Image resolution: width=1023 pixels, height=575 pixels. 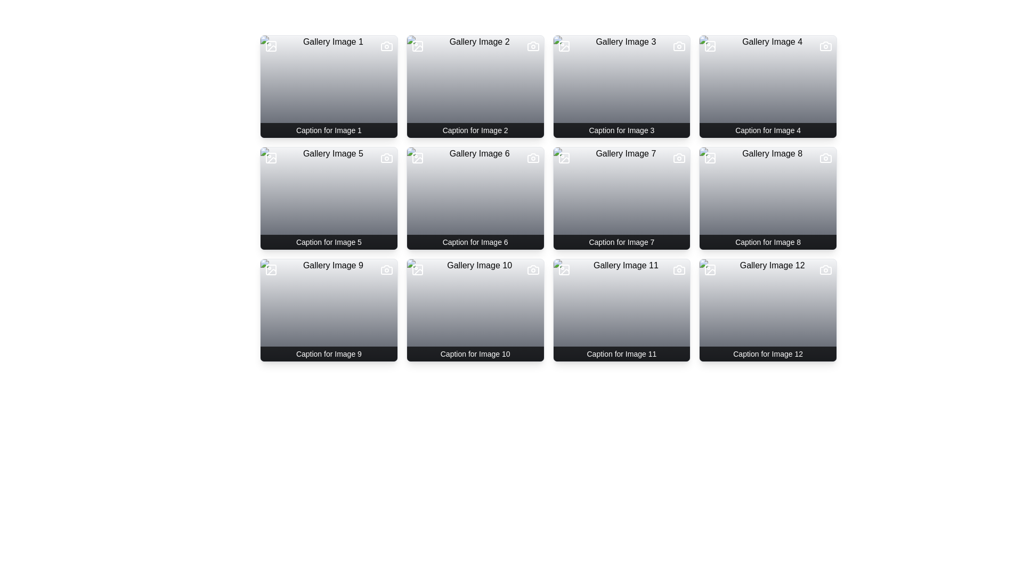 I want to click on the decorative vector graphical component located in the upper-left corner of the seventh gallery image, which is found in the second row and third column of the grid layout, so click(x=564, y=160).